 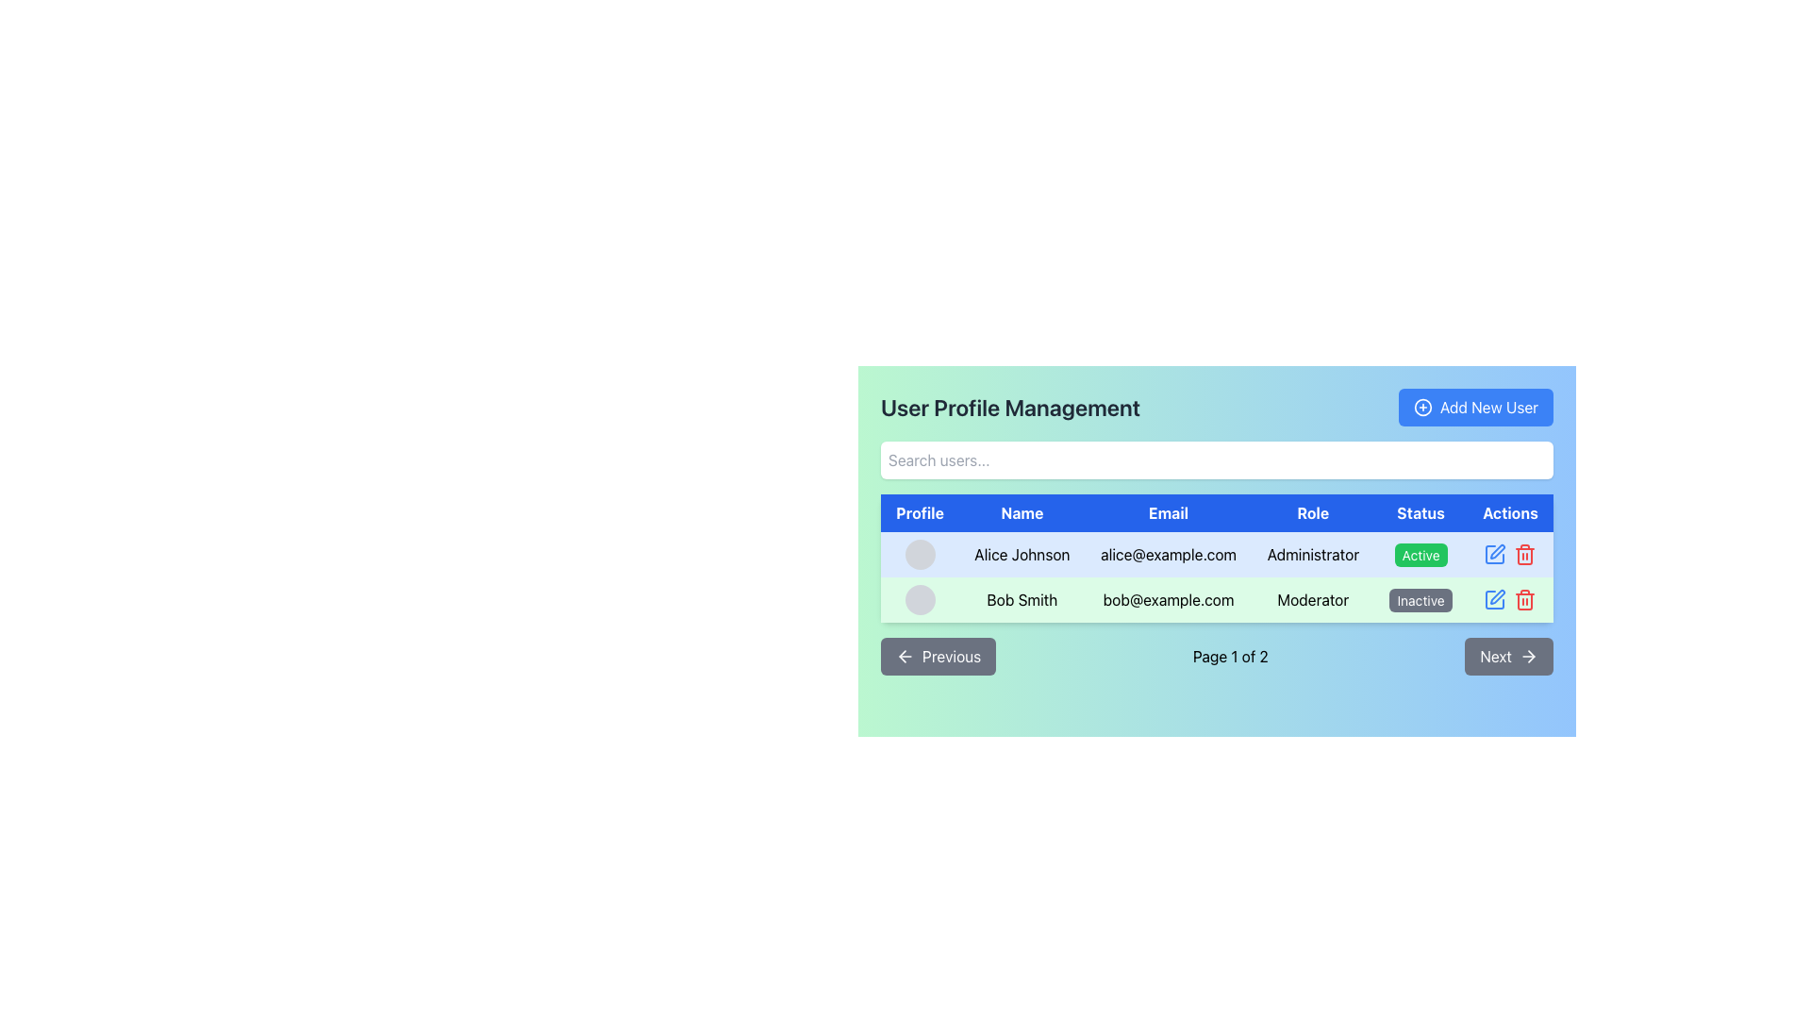 I want to click on the delete icon located in the 'Actions' column of the top row within the user data table, adjacent to user details, so click(x=1510, y=553).